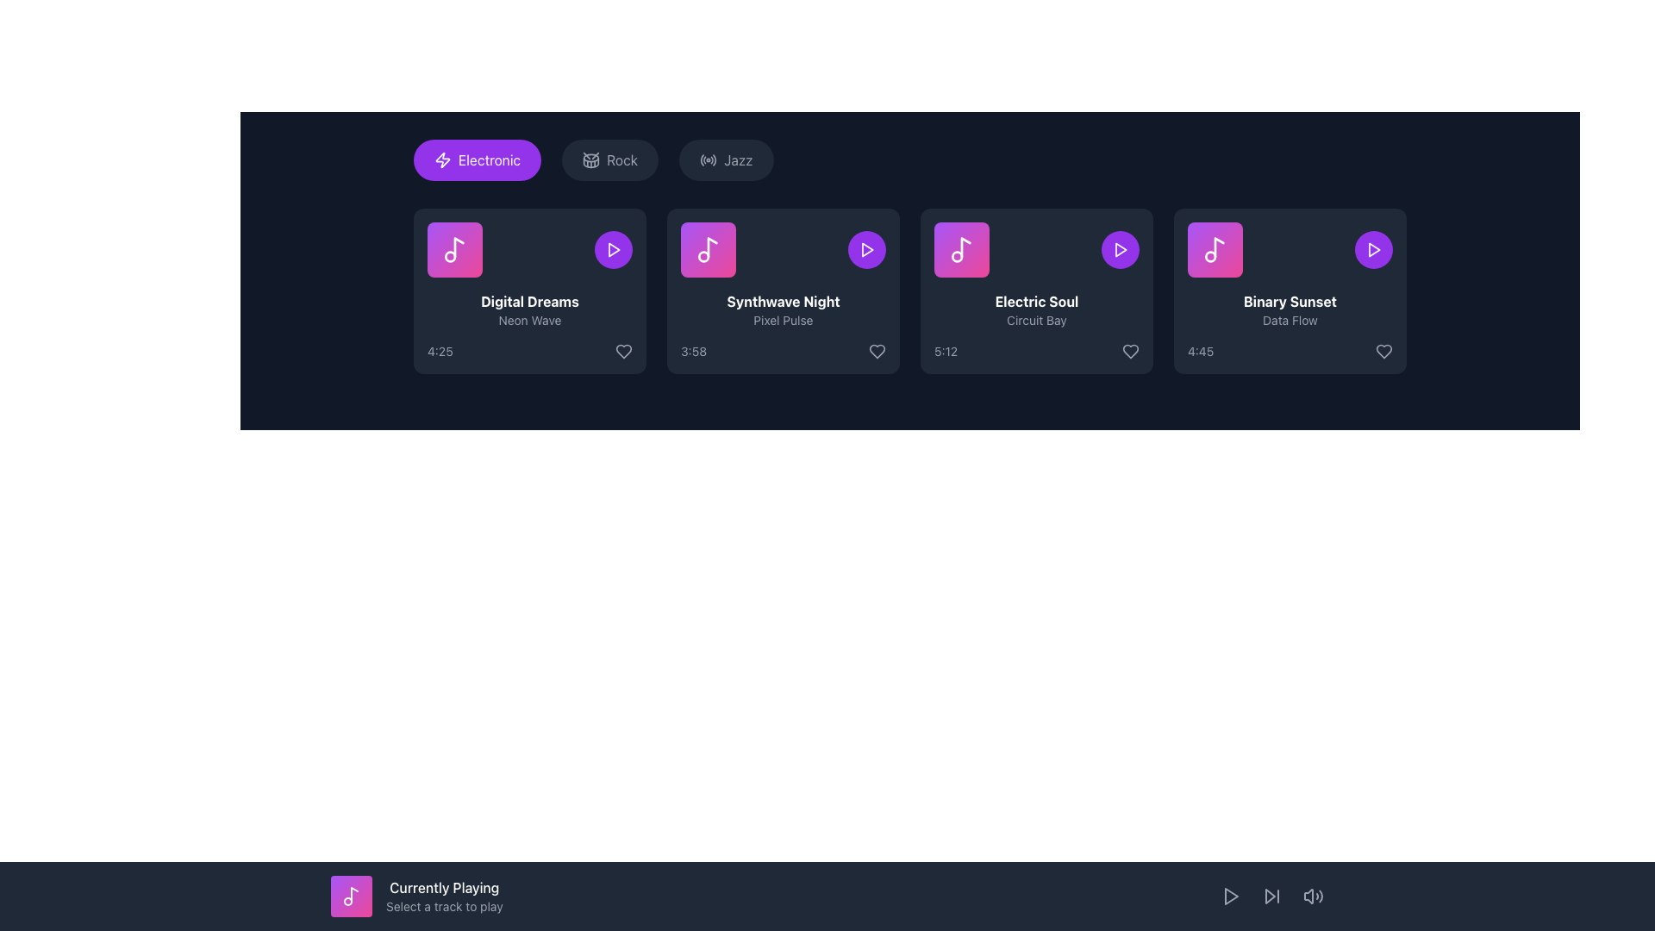 The image size is (1655, 931). Describe the element at coordinates (782, 320) in the screenshot. I see `the text label 'Pixel Pulse' which is displayed in a smaller light gray font below the title 'Synthwave Night' in a card-like interface` at that location.